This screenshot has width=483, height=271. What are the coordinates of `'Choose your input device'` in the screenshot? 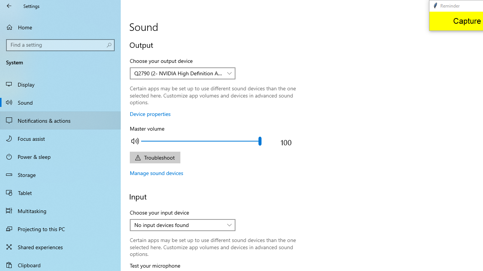 It's located at (183, 224).